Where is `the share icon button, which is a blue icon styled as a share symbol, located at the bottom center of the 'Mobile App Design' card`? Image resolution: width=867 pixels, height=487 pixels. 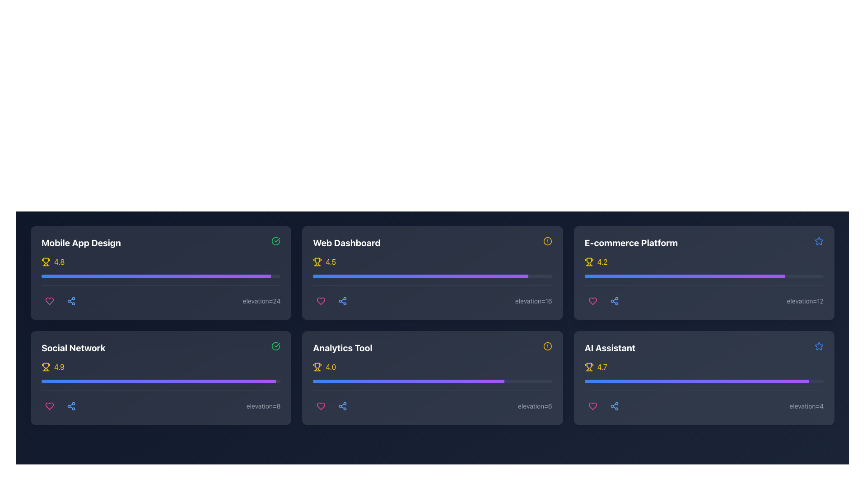 the share icon button, which is a blue icon styled as a share symbol, located at the bottom center of the 'Mobile App Design' card is located at coordinates (71, 406).